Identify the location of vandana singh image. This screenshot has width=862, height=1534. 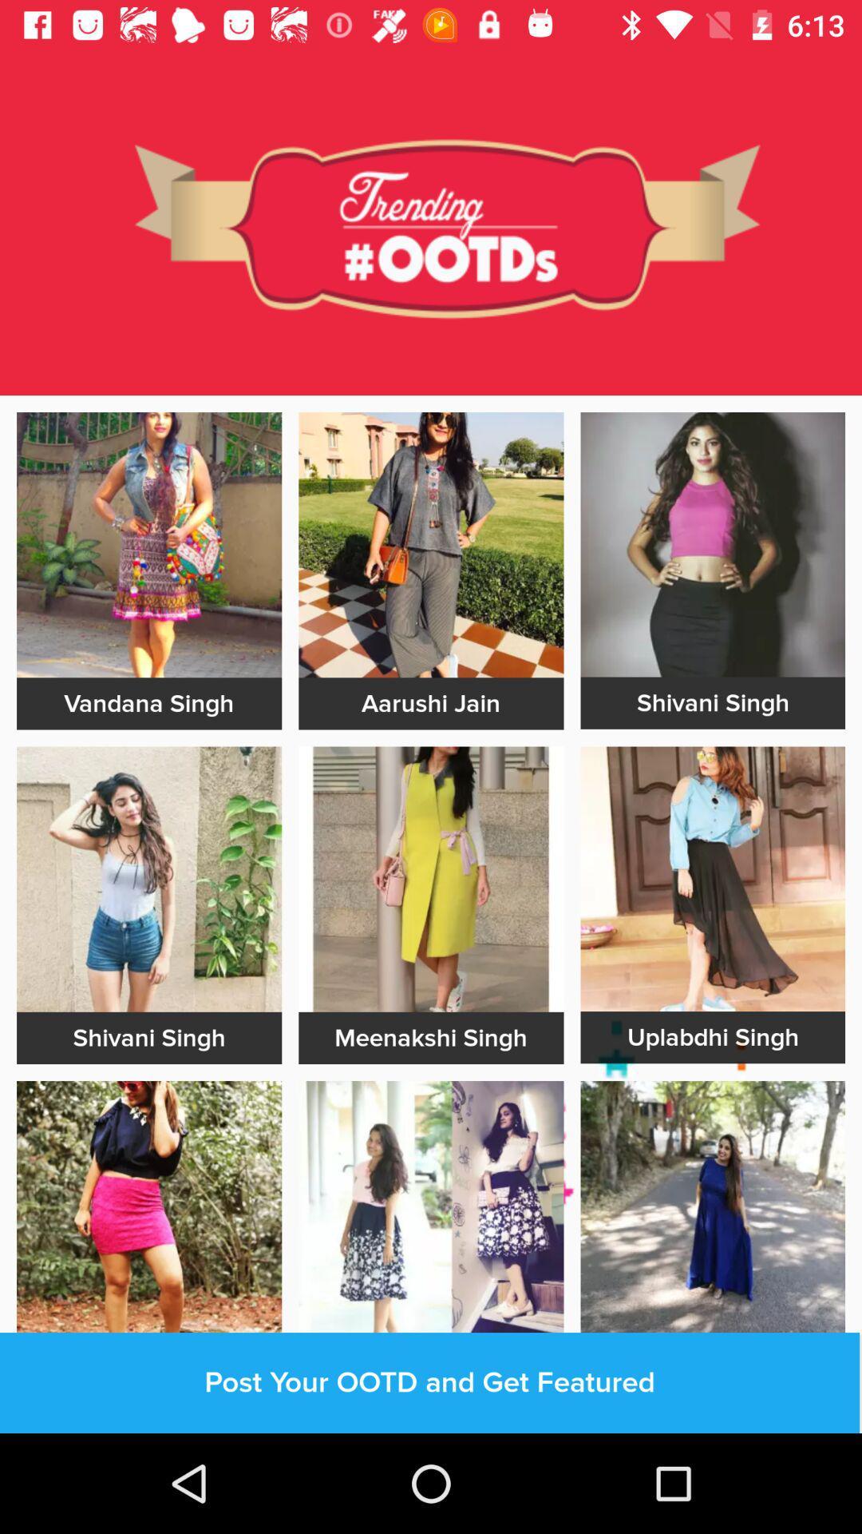
(149, 545).